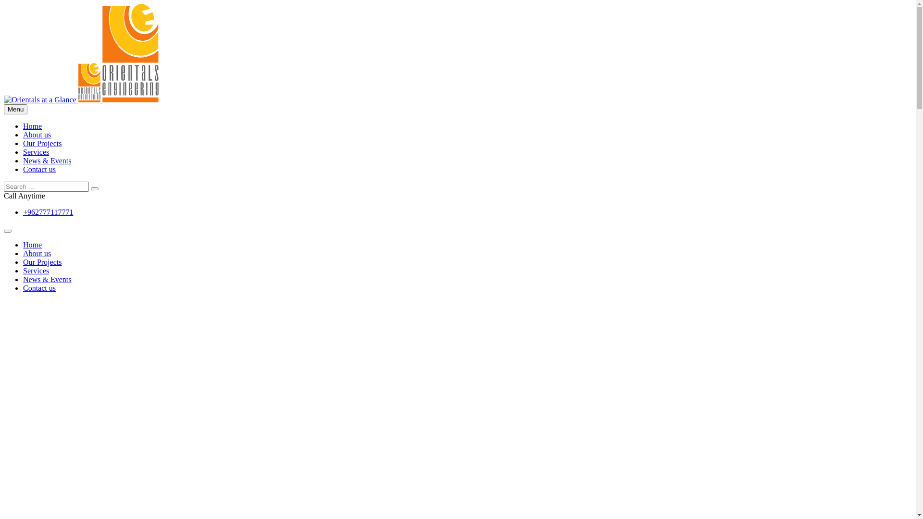 This screenshot has width=923, height=519. I want to click on 'Menu', so click(15, 109).